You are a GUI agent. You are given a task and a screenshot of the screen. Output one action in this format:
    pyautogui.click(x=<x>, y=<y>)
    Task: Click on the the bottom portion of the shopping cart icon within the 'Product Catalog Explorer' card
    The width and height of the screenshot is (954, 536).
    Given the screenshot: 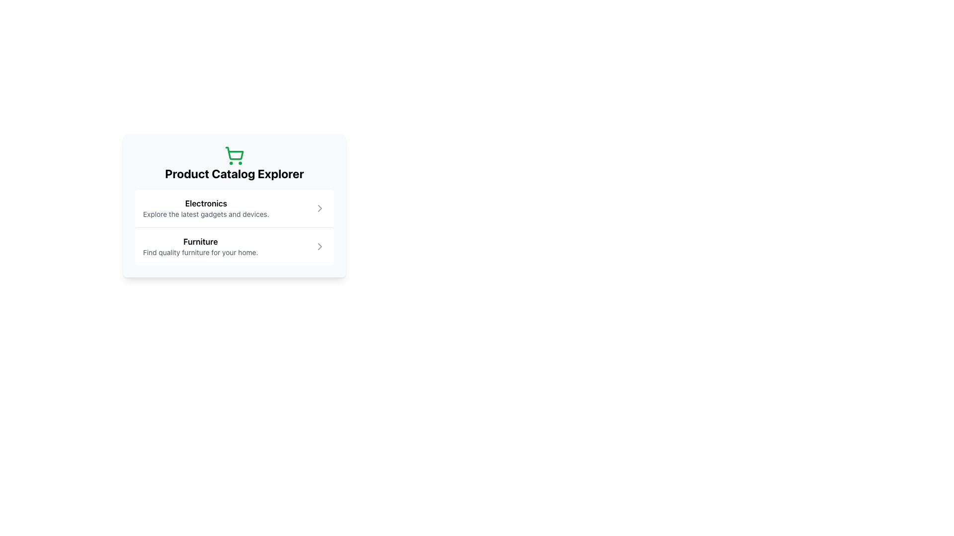 What is the action you would take?
    pyautogui.click(x=234, y=153)
    